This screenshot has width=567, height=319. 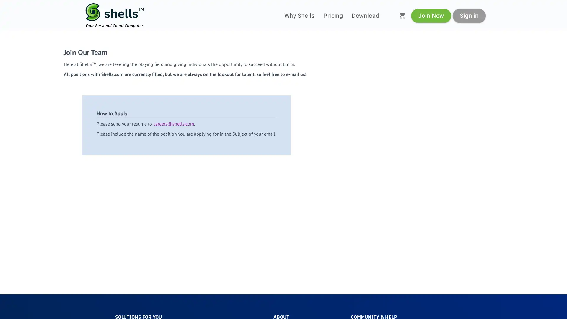 I want to click on Join Now, so click(x=431, y=15).